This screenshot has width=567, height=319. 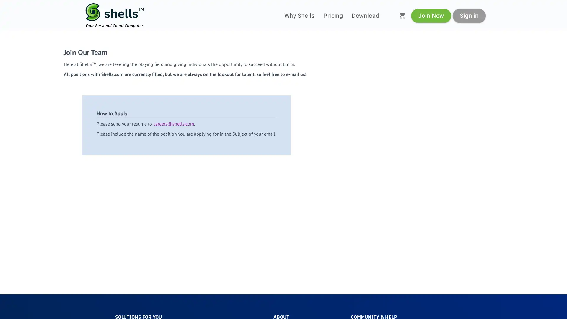 I want to click on Join Now, so click(x=431, y=15).